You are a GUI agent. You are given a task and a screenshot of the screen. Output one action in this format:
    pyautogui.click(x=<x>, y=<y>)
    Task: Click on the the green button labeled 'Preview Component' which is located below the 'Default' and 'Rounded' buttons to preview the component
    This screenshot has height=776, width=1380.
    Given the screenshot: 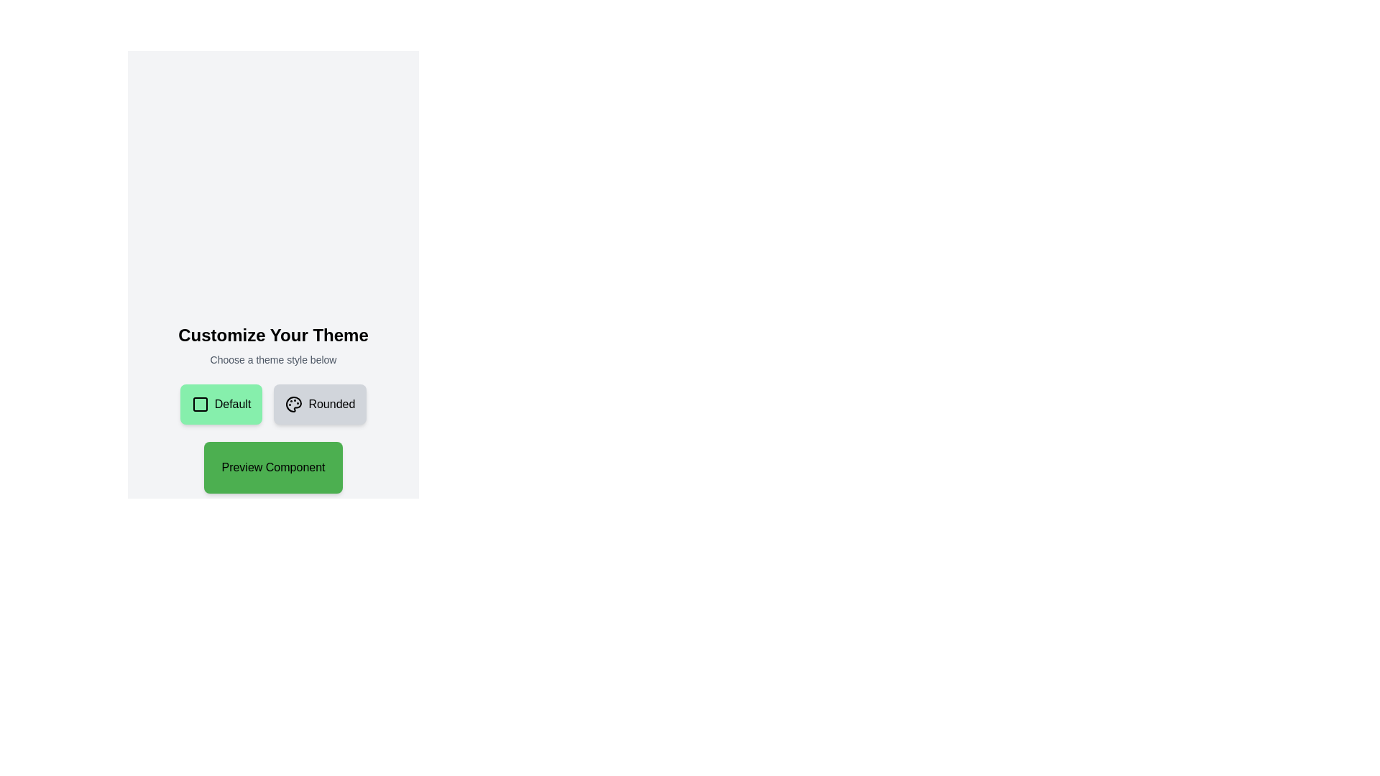 What is the action you would take?
    pyautogui.click(x=273, y=438)
    